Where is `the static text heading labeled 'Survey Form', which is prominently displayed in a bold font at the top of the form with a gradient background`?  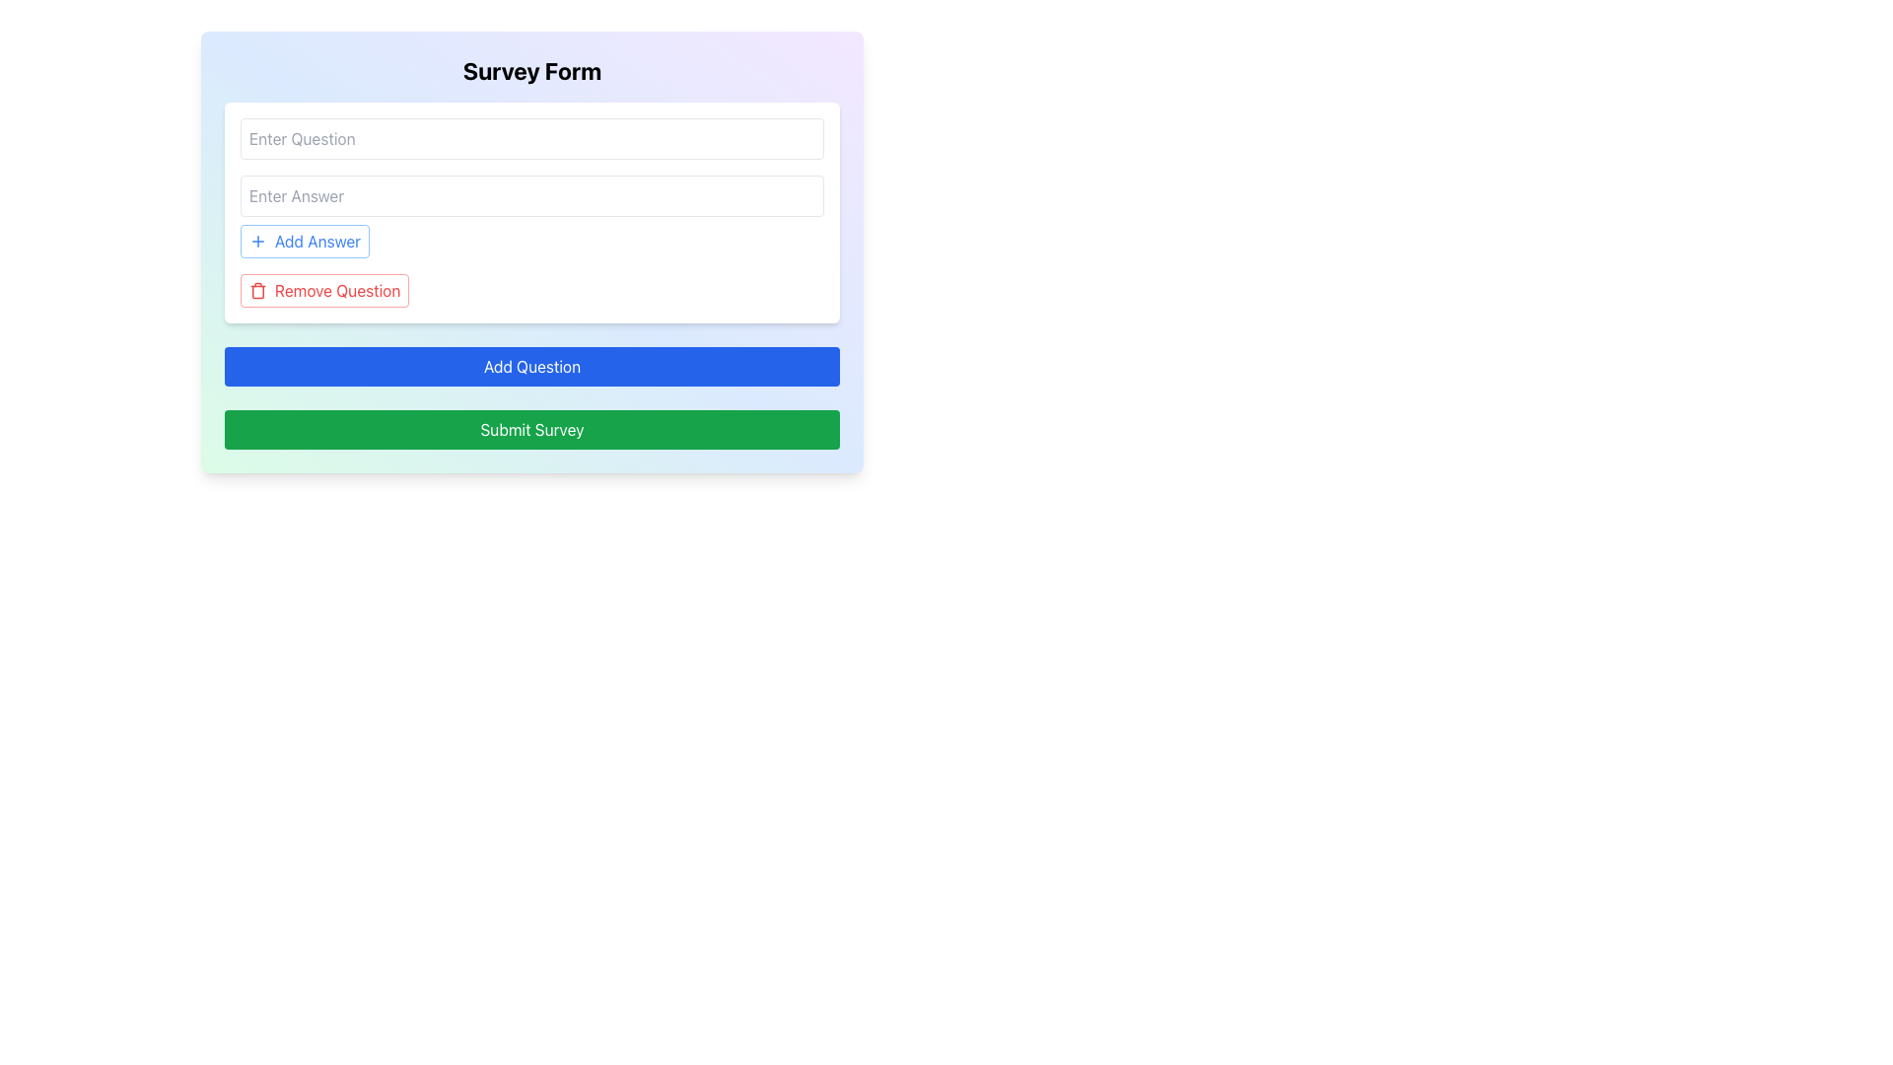
the static text heading labeled 'Survey Form', which is prominently displayed in a bold font at the top of the form with a gradient background is located at coordinates (531, 70).